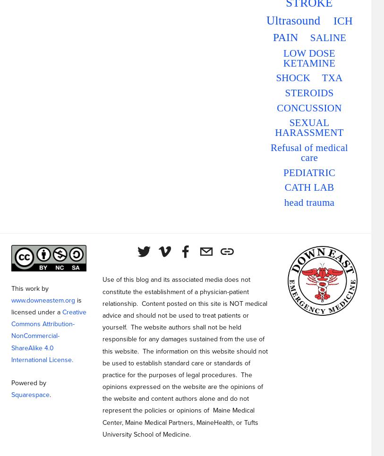 This screenshot has width=384, height=456. I want to click on 'Refusal of medical care', so click(309, 152).